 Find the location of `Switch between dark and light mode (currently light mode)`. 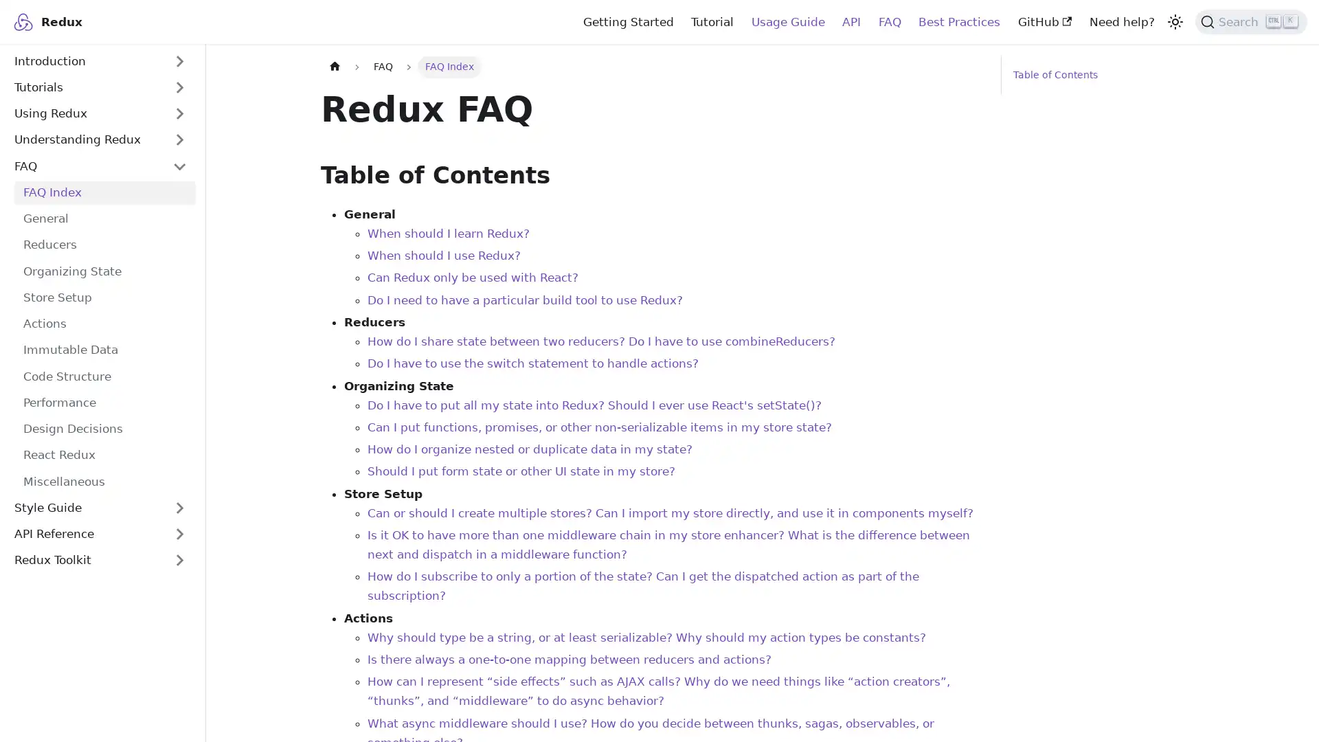

Switch between dark and light mode (currently light mode) is located at coordinates (1173, 21).